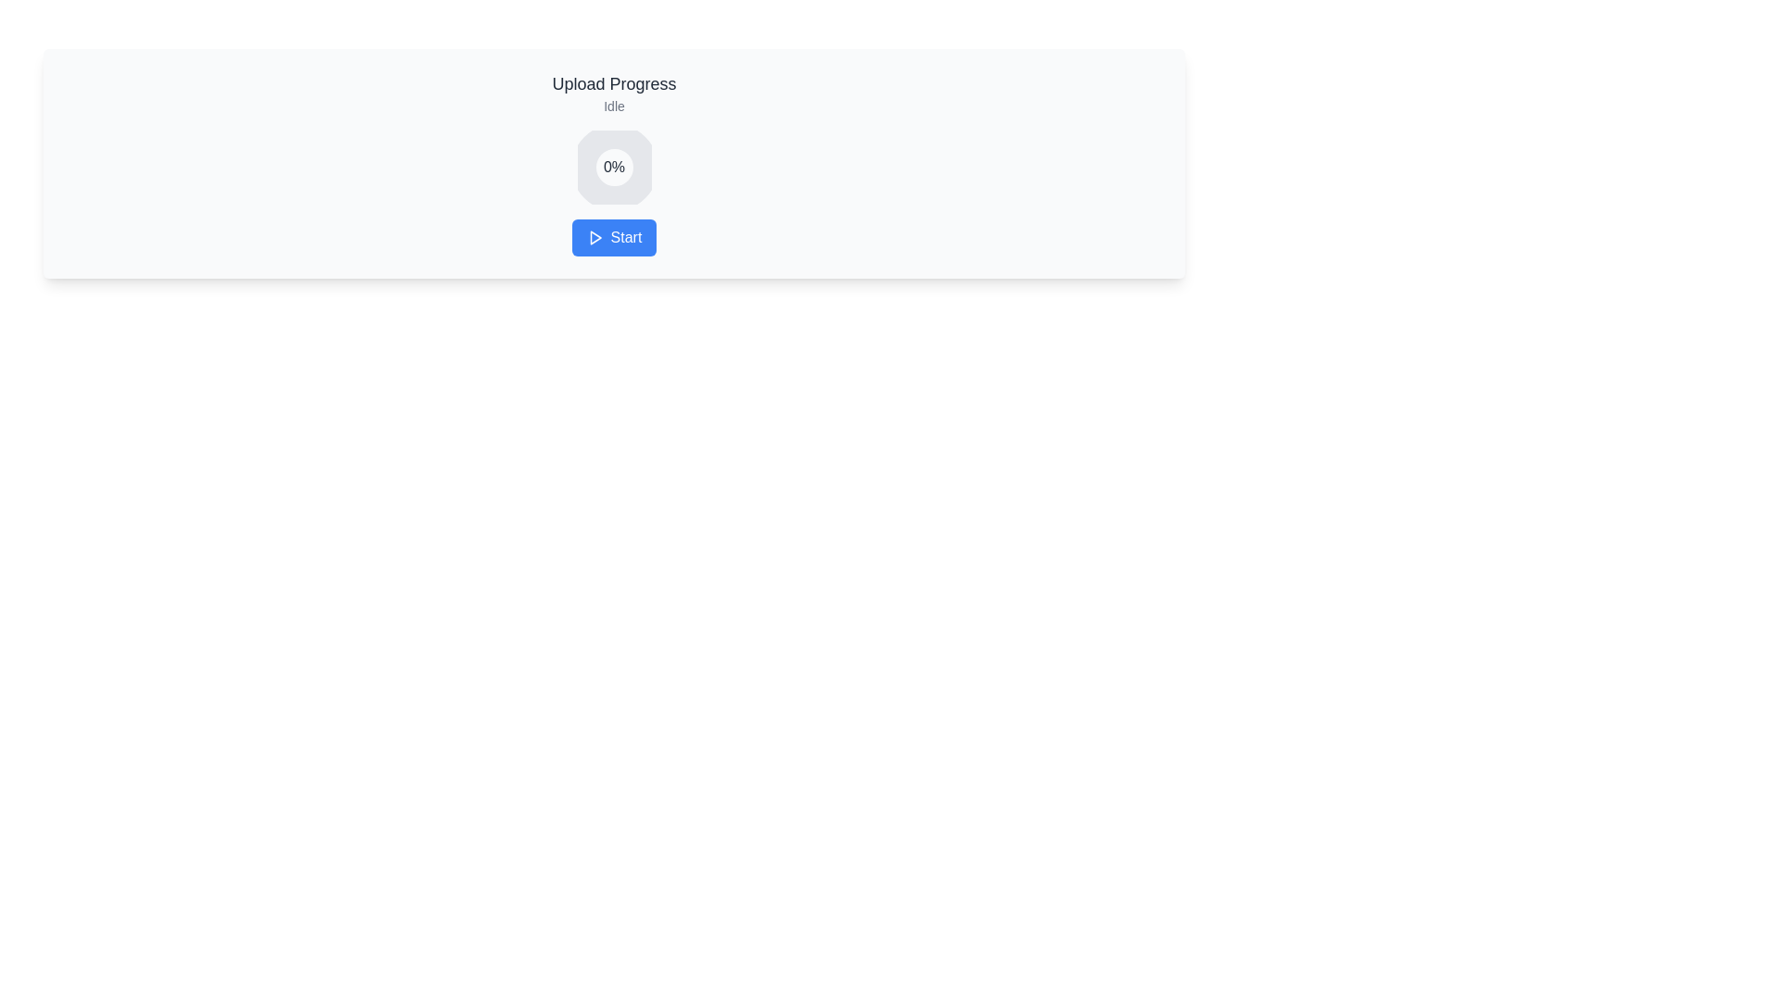 This screenshot has height=1000, width=1778. What do you see at coordinates (614, 168) in the screenshot?
I see `the circular graphical element that visually indicates upload progress, positioned centrally above the 'Start' button and below the 'Upload Progress' heading with '0%' text` at bounding box center [614, 168].